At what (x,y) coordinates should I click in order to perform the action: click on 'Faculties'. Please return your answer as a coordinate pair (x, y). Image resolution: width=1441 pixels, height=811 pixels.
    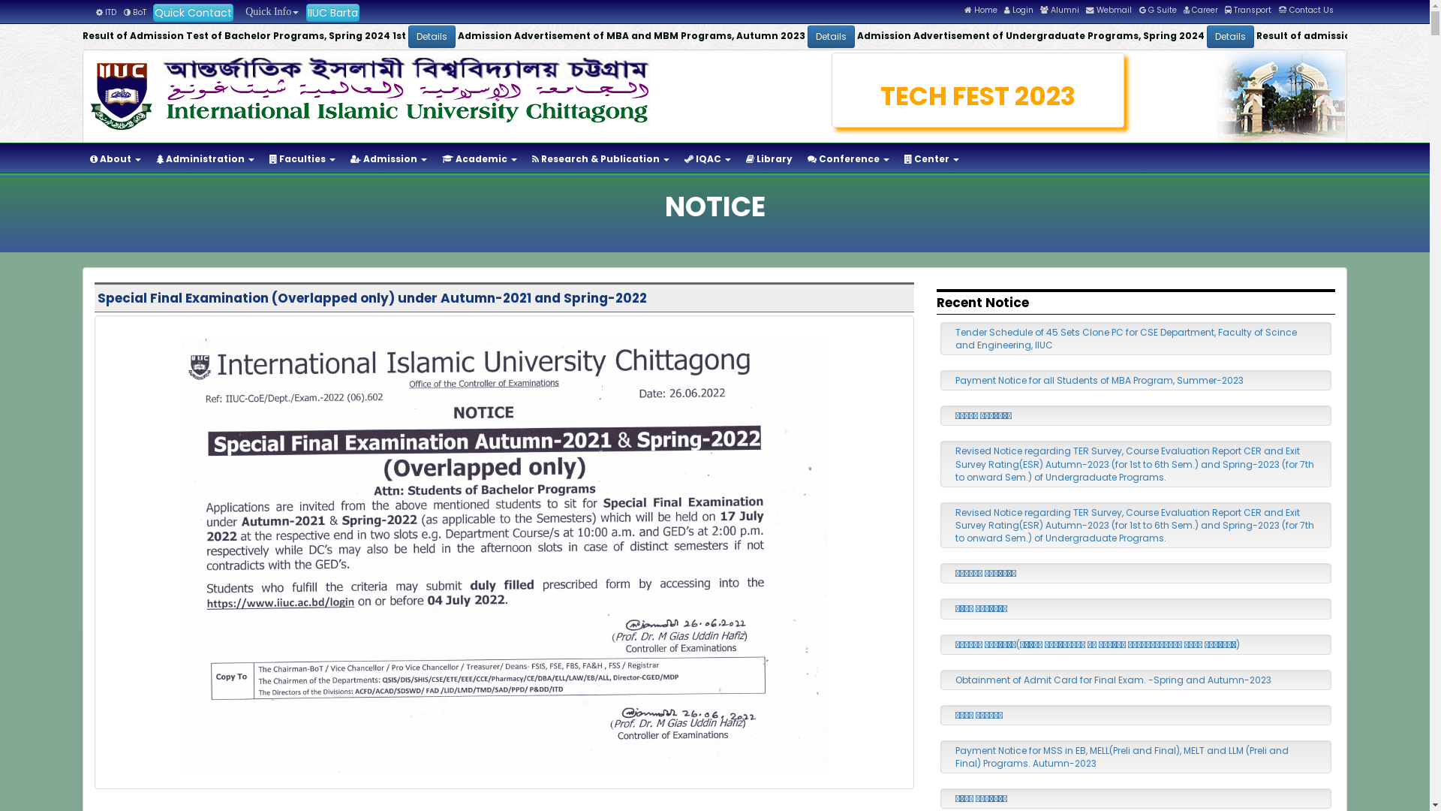
    Looking at the image, I should click on (302, 159).